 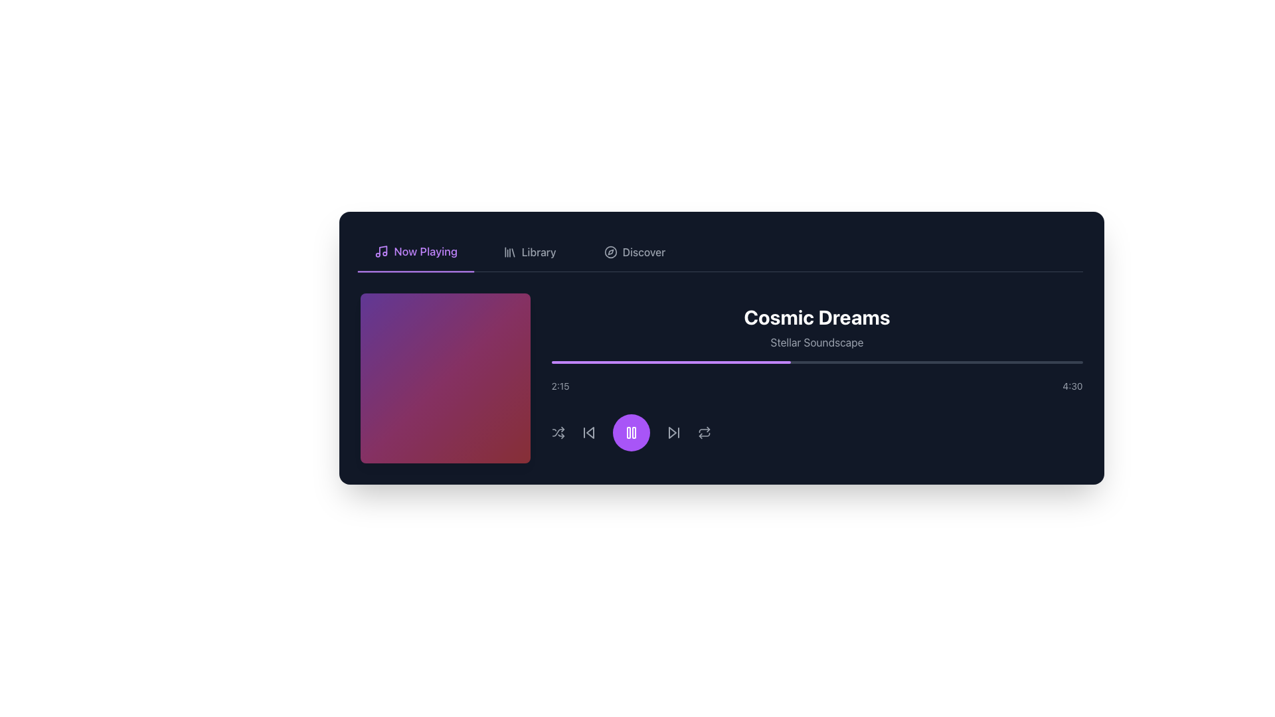 I want to click on the text label displaying the time '4:30', which is styled in light gray against a dark background and located near the right edge of a horizontal bar, so click(x=1072, y=386).